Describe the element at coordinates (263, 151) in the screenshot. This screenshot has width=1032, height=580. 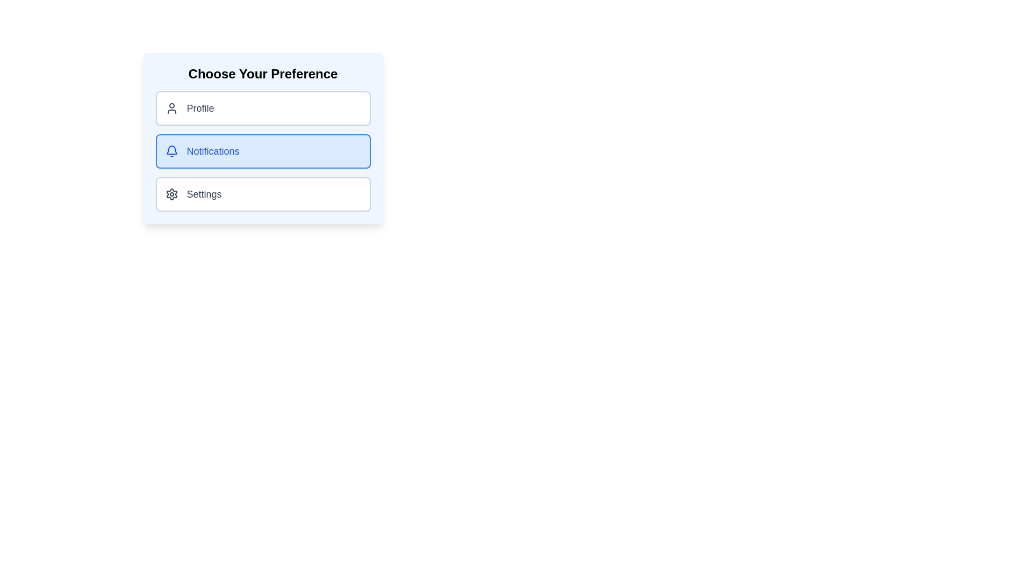
I see `the selectable button for notifications` at that location.